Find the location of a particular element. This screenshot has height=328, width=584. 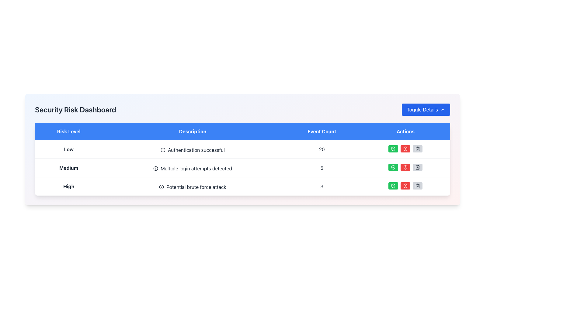

the information icon displayed as part of a notification that indicates 'Authentication successful' in the first row of the table, located in the 'Description' column is located at coordinates (163, 150).